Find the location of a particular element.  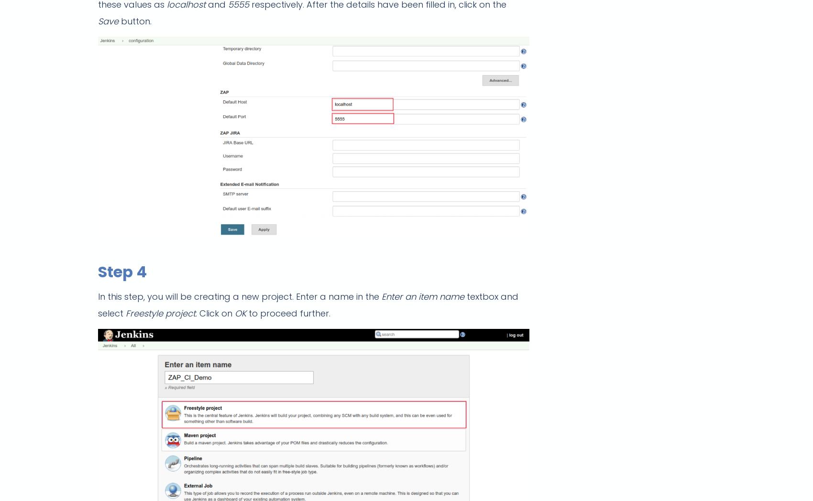

'. Click on' is located at coordinates (215, 313).